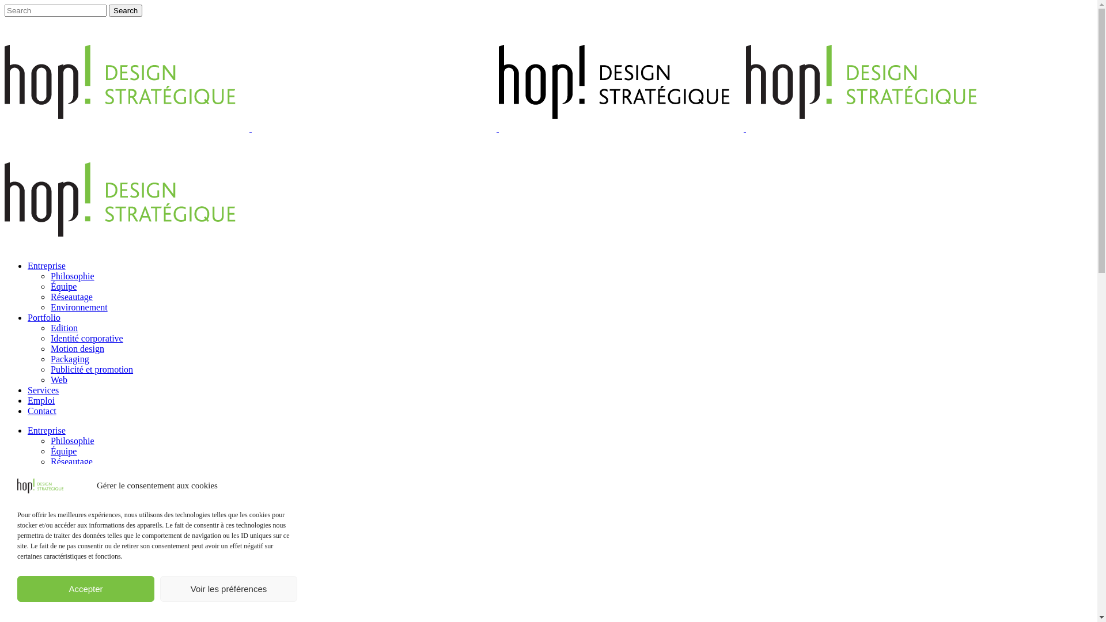  I want to click on 'Edition', so click(63, 328).